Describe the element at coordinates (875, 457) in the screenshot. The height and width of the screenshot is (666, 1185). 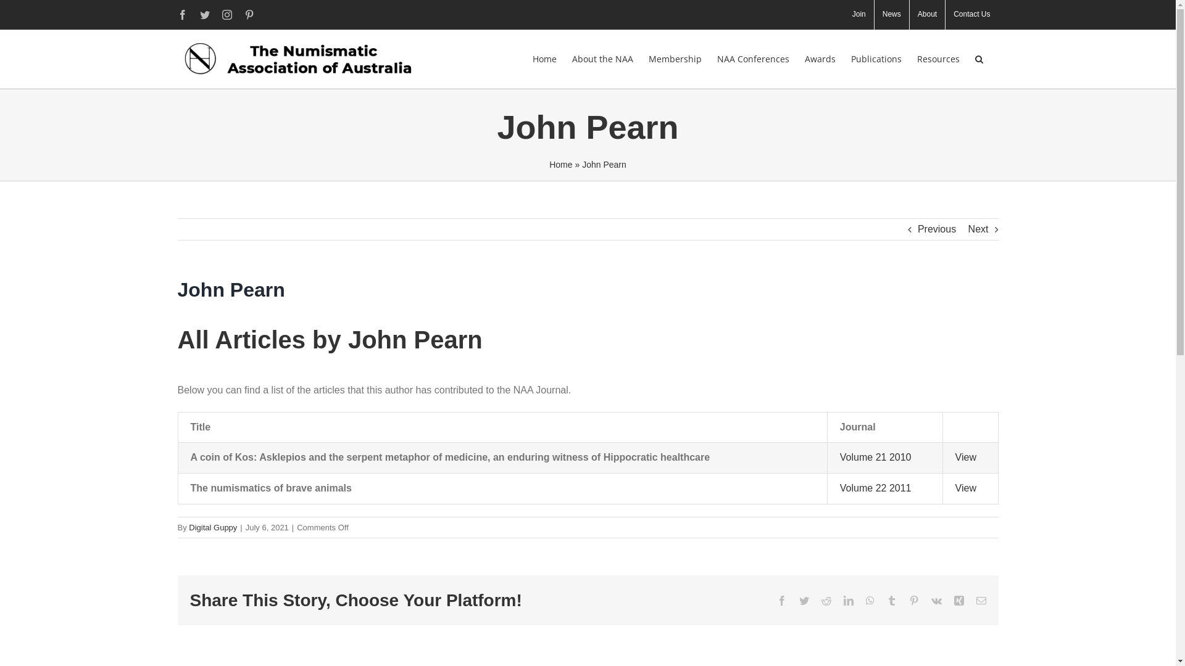
I see `'Volume 21 2010'` at that location.